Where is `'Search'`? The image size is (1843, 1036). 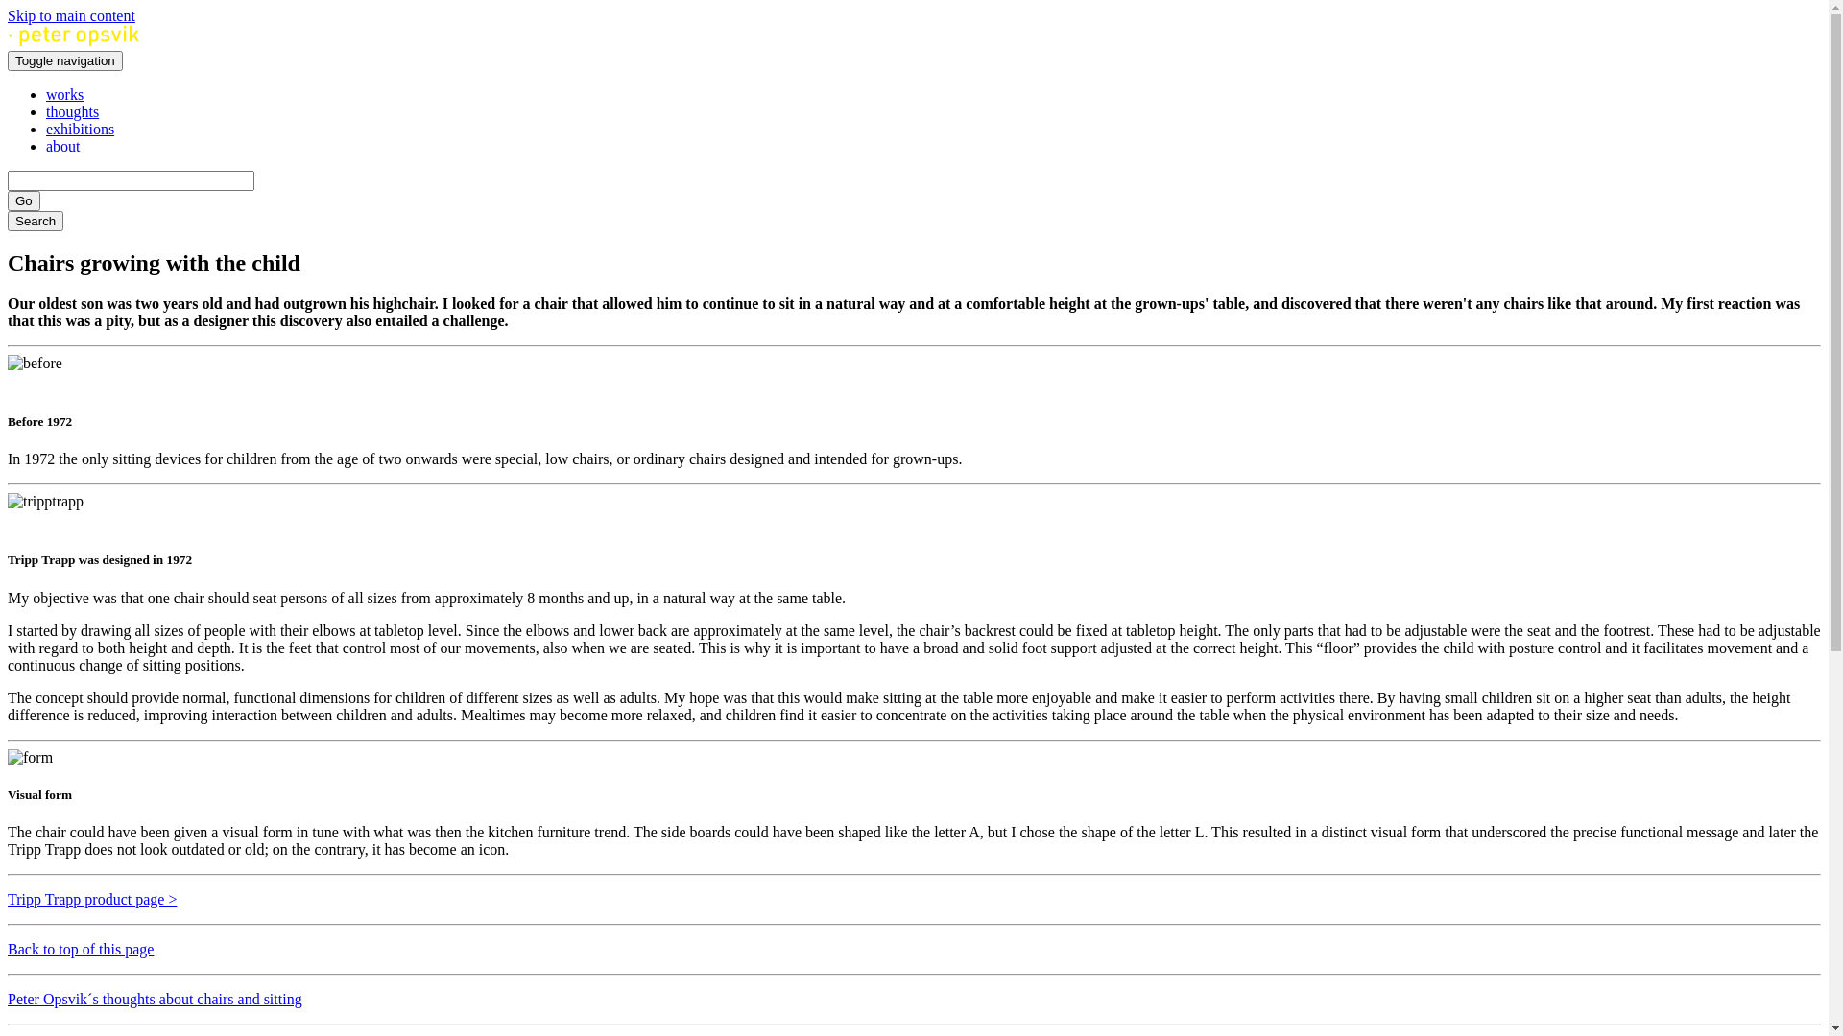
'Search' is located at coordinates (36, 220).